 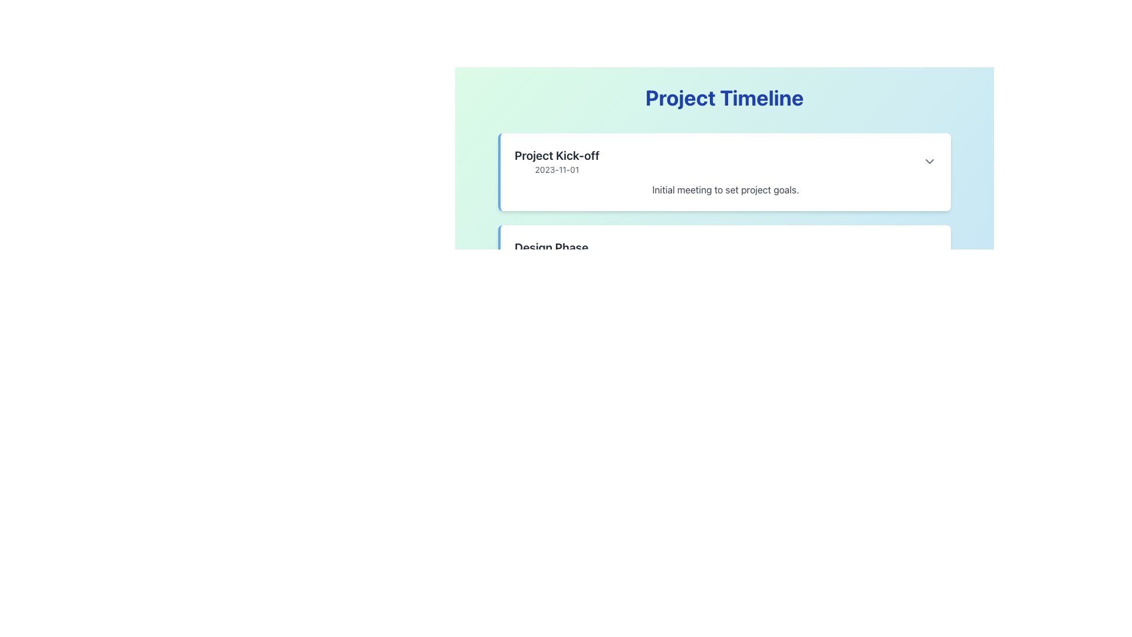 I want to click on the Text Display that shows 'Design Phase' and '2023-11-15', located in the upper left corner below the 'Project Kick-off' card in the 'Project Timeline' section, so click(x=551, y=252).